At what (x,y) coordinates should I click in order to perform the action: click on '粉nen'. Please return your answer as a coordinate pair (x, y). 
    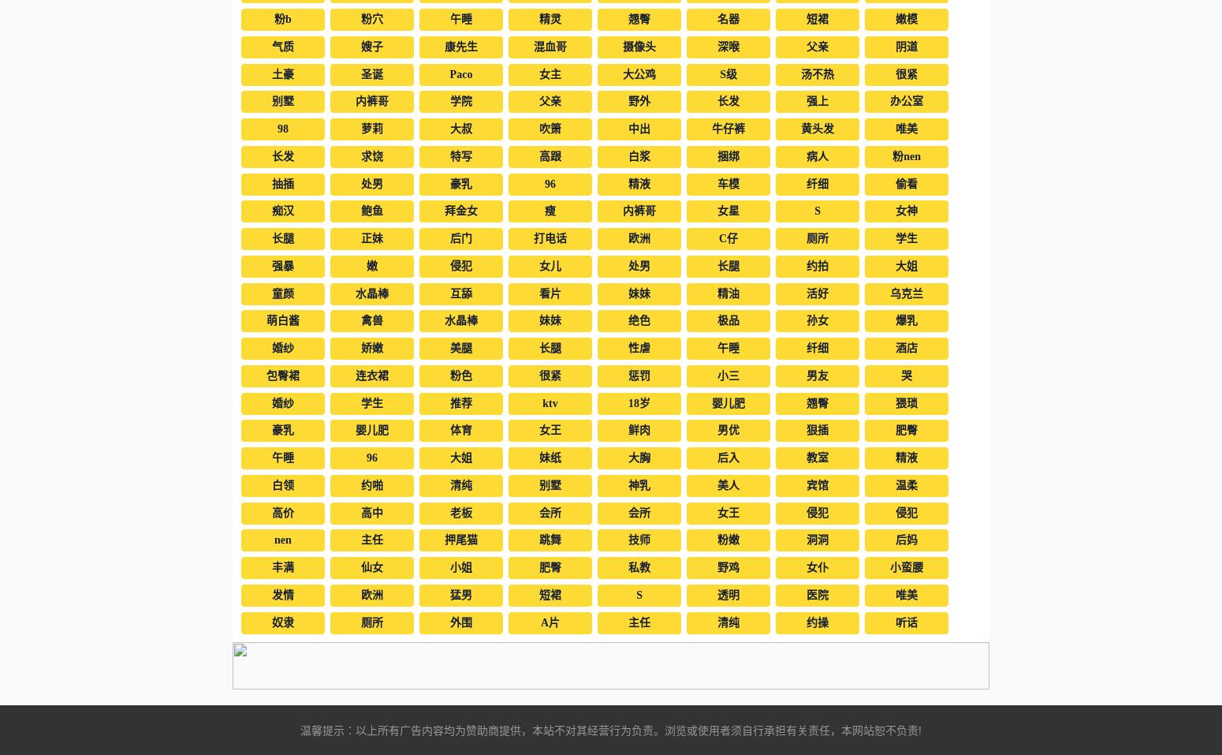
    Looking at the image, I should click on (905, 155).